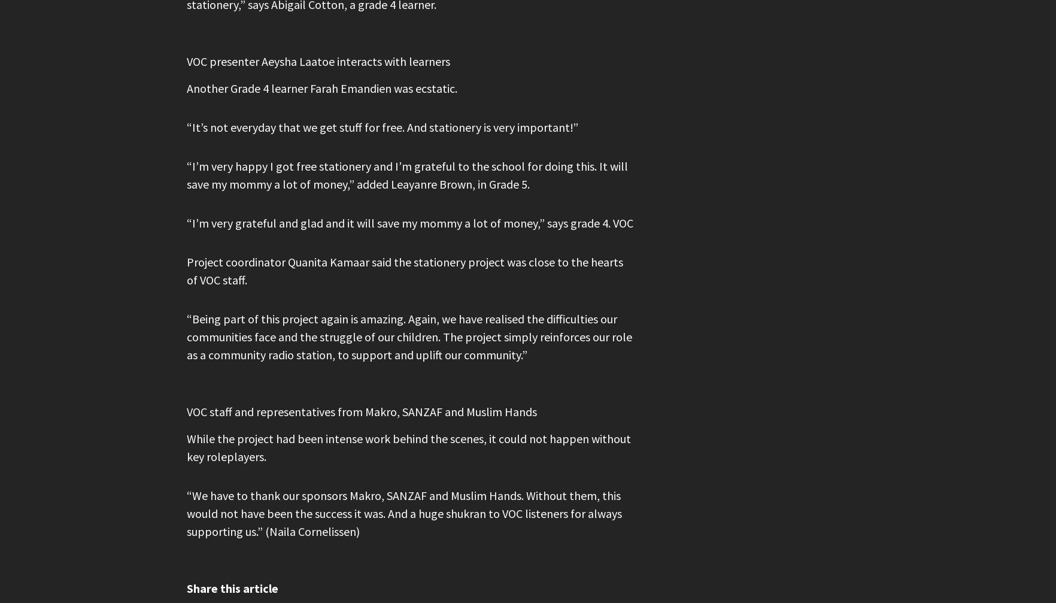 This screenshot has height=603, width=1056. What do you see at coordinates (322, 88) in the screenshot?
I see `'Another Grade 4 learner Farah Emandien was ecstatic.'` at bounding box center [322, 88].